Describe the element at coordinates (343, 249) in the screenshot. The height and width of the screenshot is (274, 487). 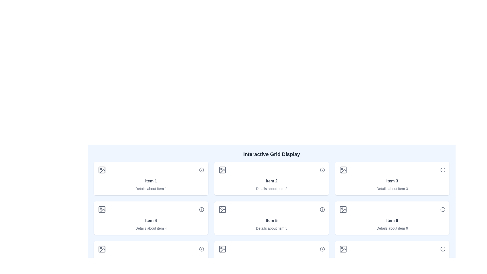
I see `the icon placeholder located in the bottom-right corner of the grid section labeled 'Item 6'` at that location.